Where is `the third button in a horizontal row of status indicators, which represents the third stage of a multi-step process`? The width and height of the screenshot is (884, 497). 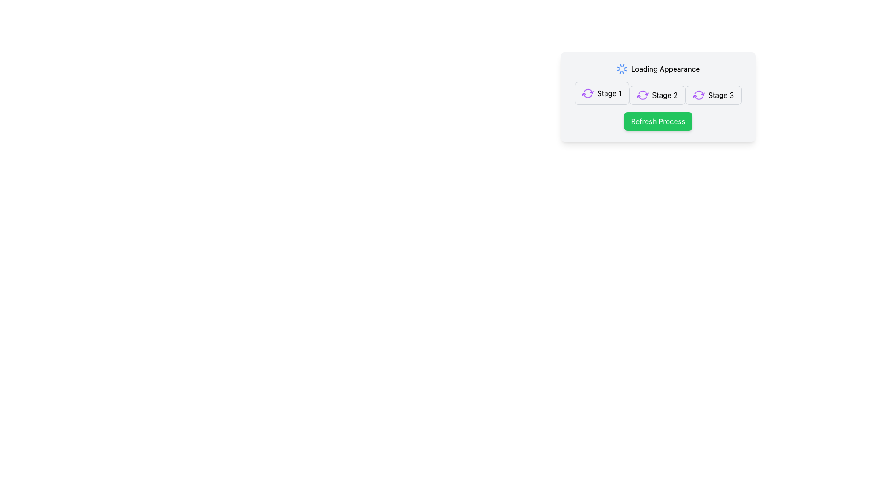 the third button in a horizontal row of status indicators, which represents the third stage of a multi-step process is located at coordinates (713, 95).